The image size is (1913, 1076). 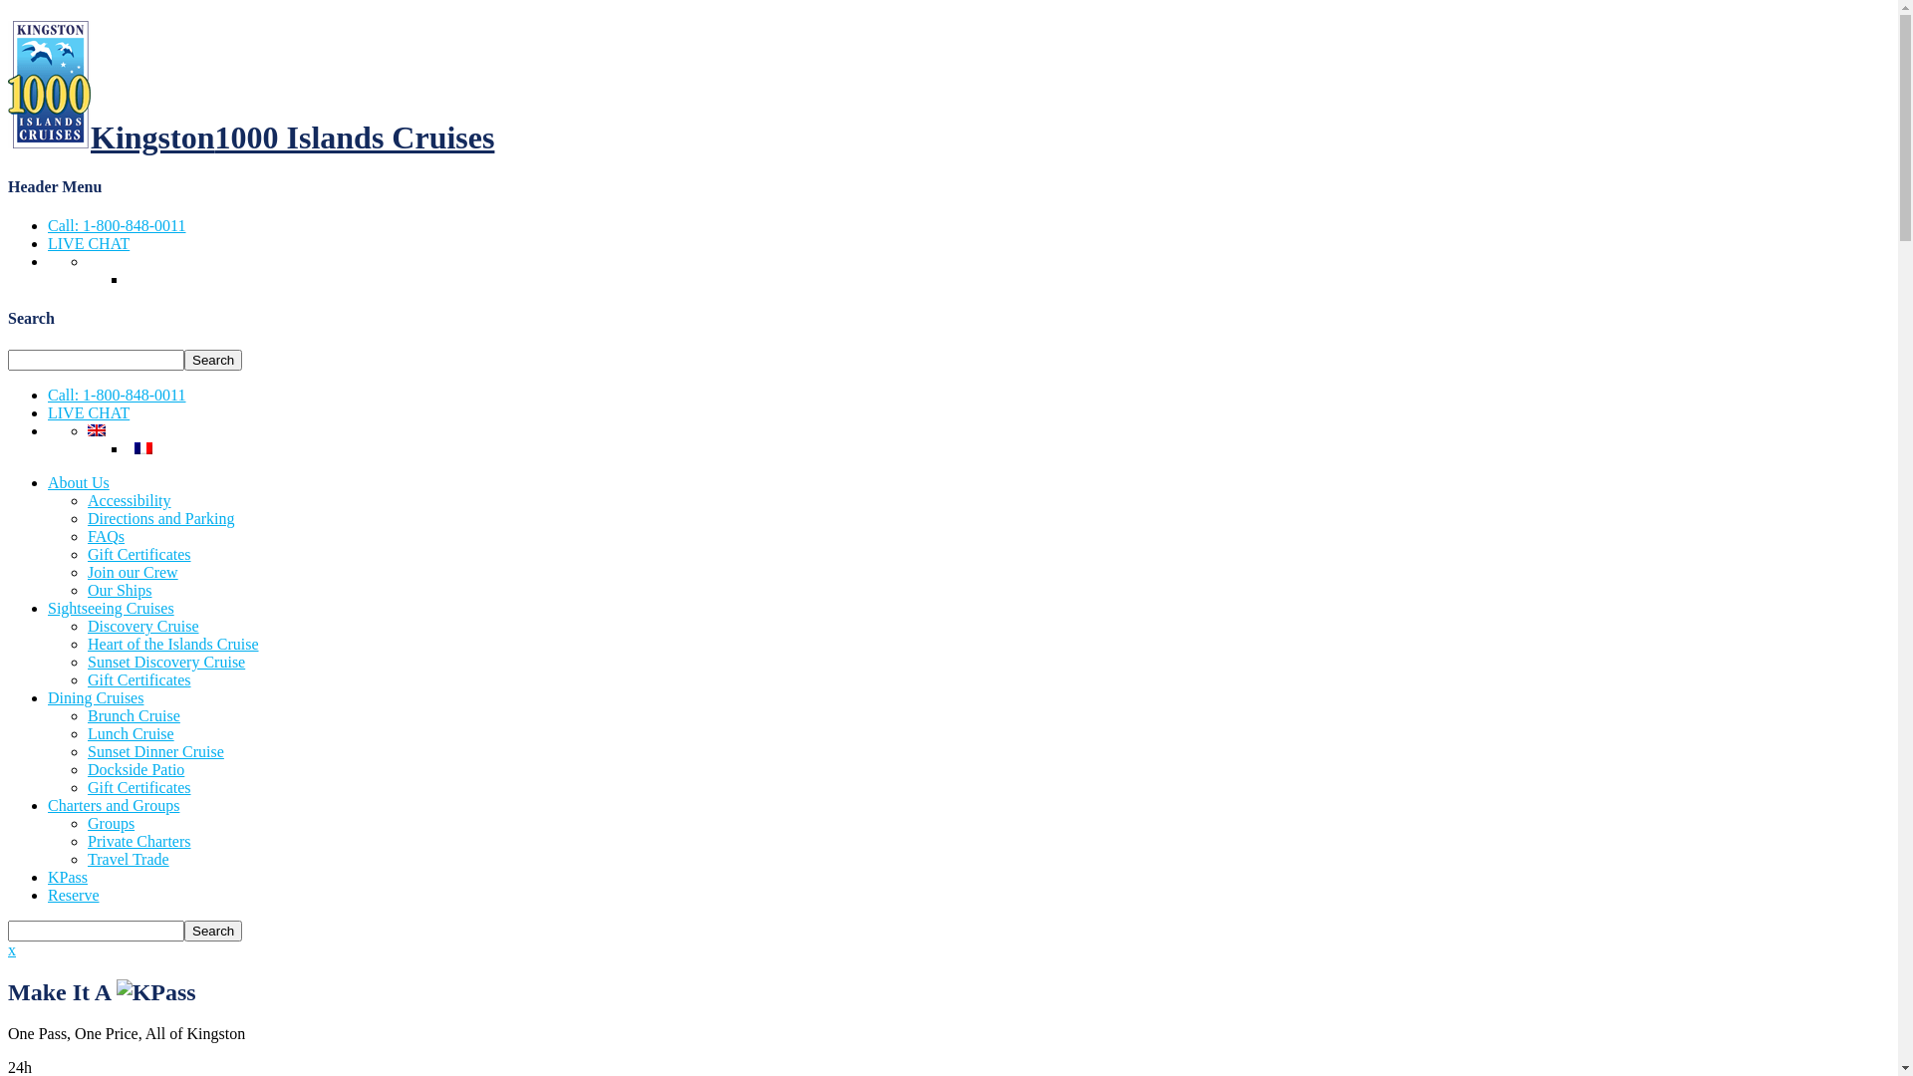 I want to click on 'KPass', so click(x=67, y=876).